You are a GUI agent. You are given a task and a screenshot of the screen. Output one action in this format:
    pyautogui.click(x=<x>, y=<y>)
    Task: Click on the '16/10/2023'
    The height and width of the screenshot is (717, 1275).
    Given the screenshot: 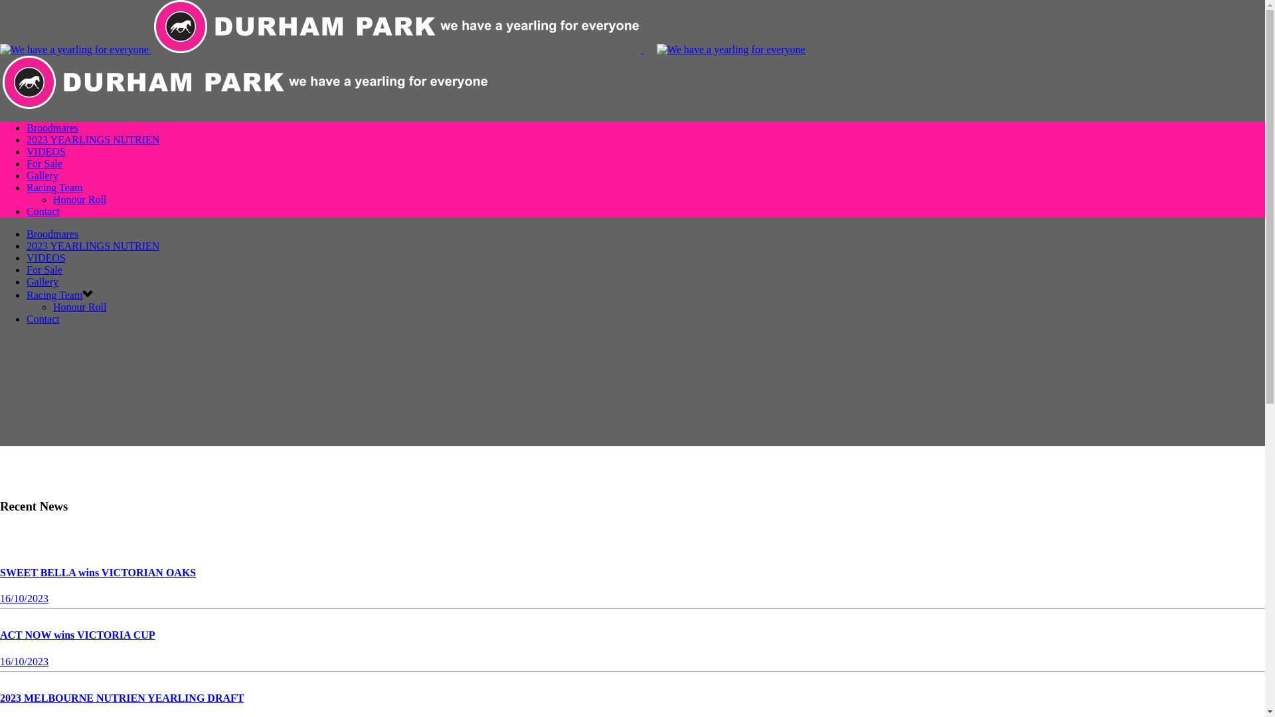 What is the action you would take?
    pyautogui.click(x=24, y=598)
    